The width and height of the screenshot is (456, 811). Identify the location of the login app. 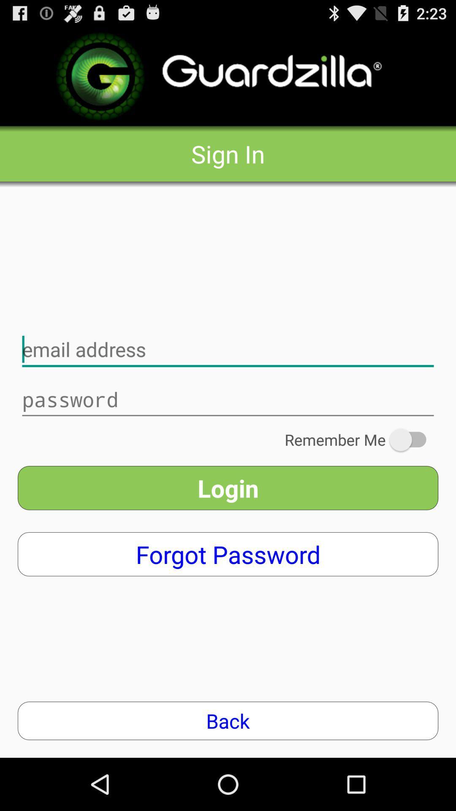
(228, 488).